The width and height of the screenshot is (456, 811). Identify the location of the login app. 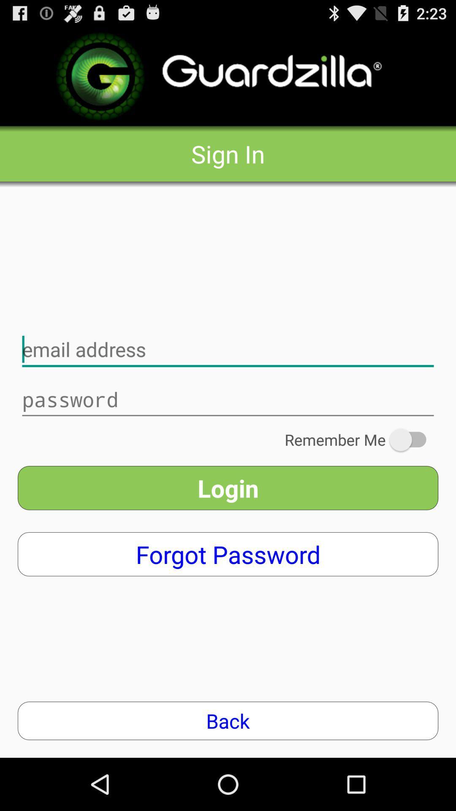
(228, 488).